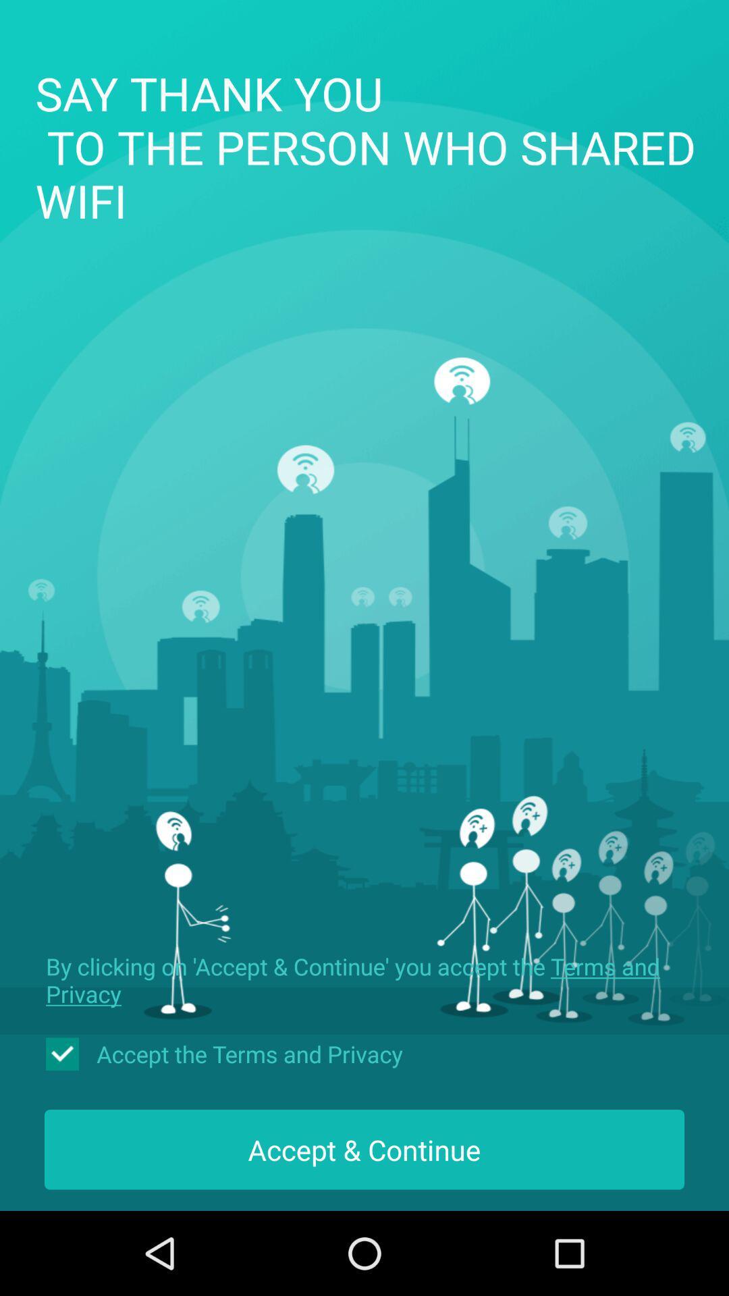 Image resolution: width=729 pixels, height=1296 pixels. What do you see at coordinates (364, 979) in the screenshot?
I see `the item above accept the terms` at bounding box center [364, 979].